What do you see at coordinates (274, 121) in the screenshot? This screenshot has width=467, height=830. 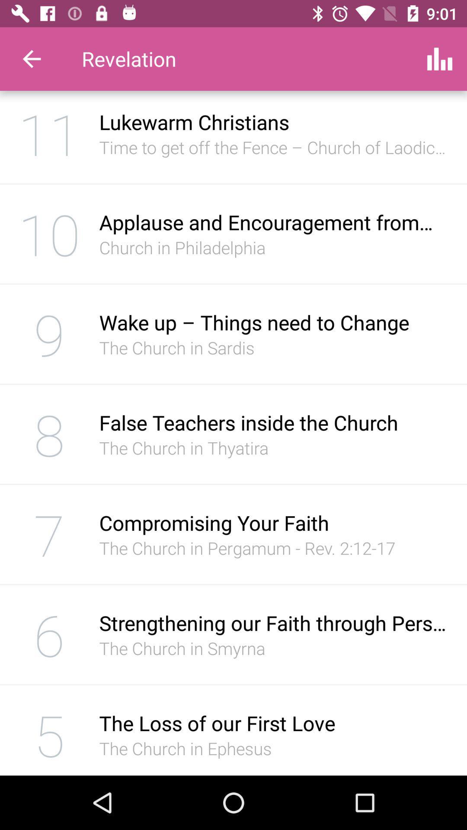 I see `the lukewarm christians icon` at bounding box center [274, 121].